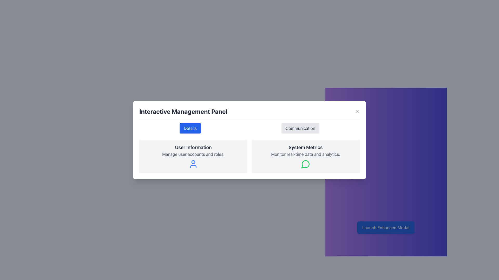  Describe the element at coordinates (183, 111) in the screenshot. I see `text from the prominent 'Interactive Management Panel' label displayed in bold, large dark gray font at the top-left section of the modal dialog header` at that location.